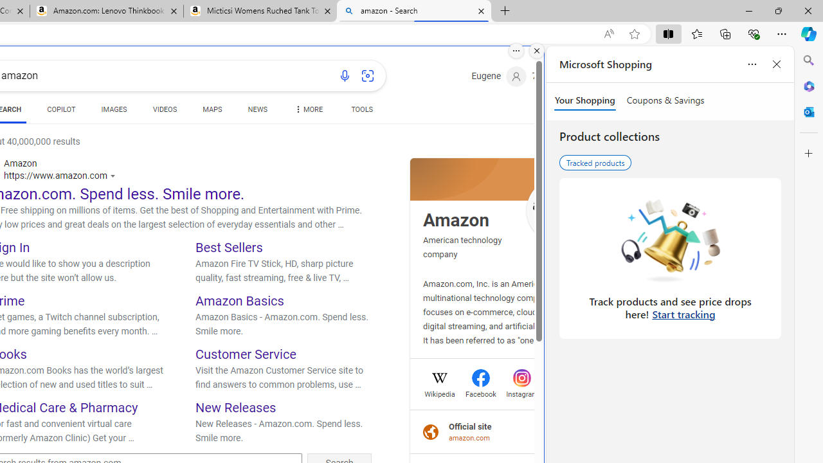  I want to click on 'Outlook', so click(808, 111).